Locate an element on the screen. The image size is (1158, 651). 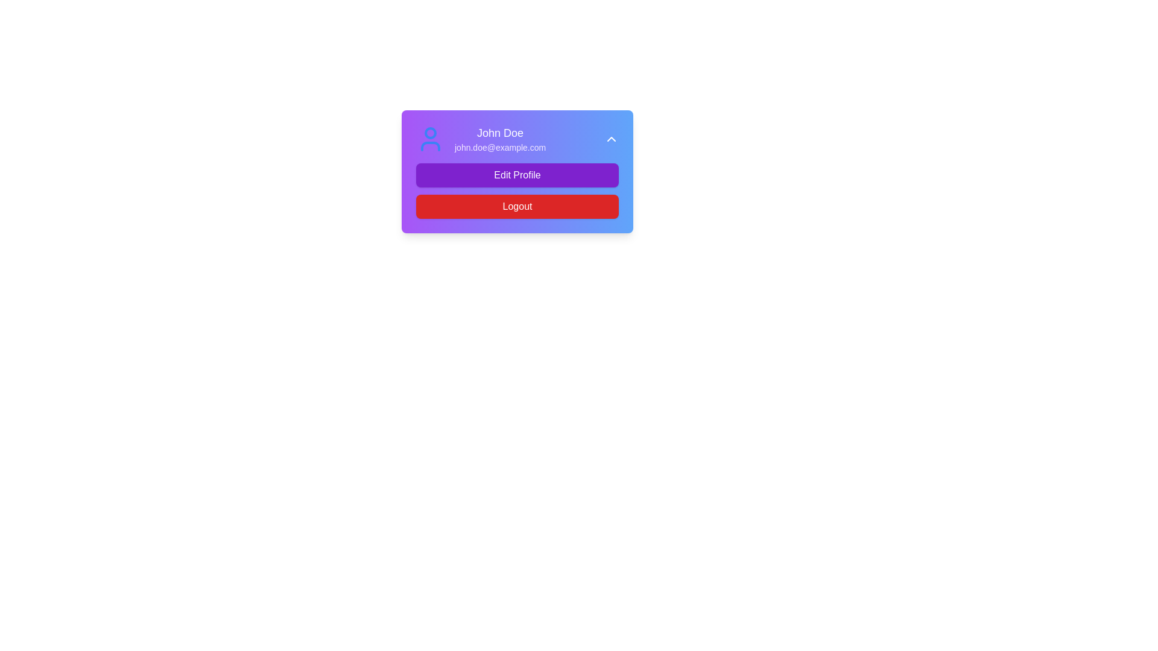
the 'Edit Profile' button is located at coordinates (517, 175).